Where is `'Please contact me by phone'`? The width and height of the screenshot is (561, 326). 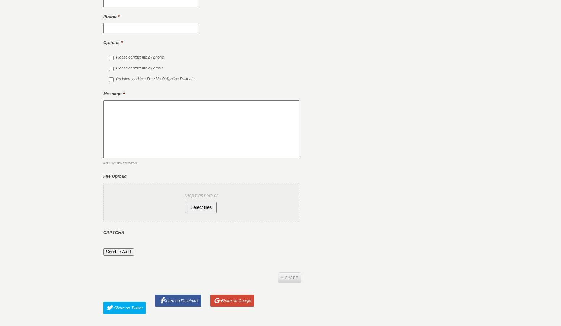 'Please contact me by phone' is located at coordinates (139, 57).